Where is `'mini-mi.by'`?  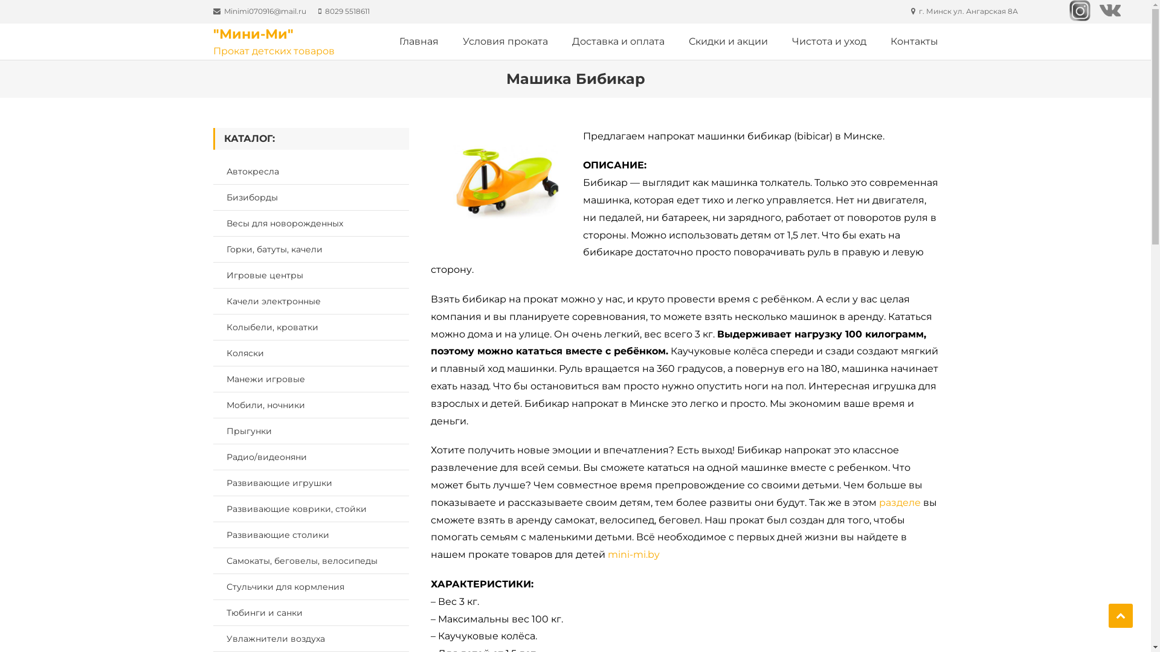
'mini-mi.by' is located at coordinates (633, 554).